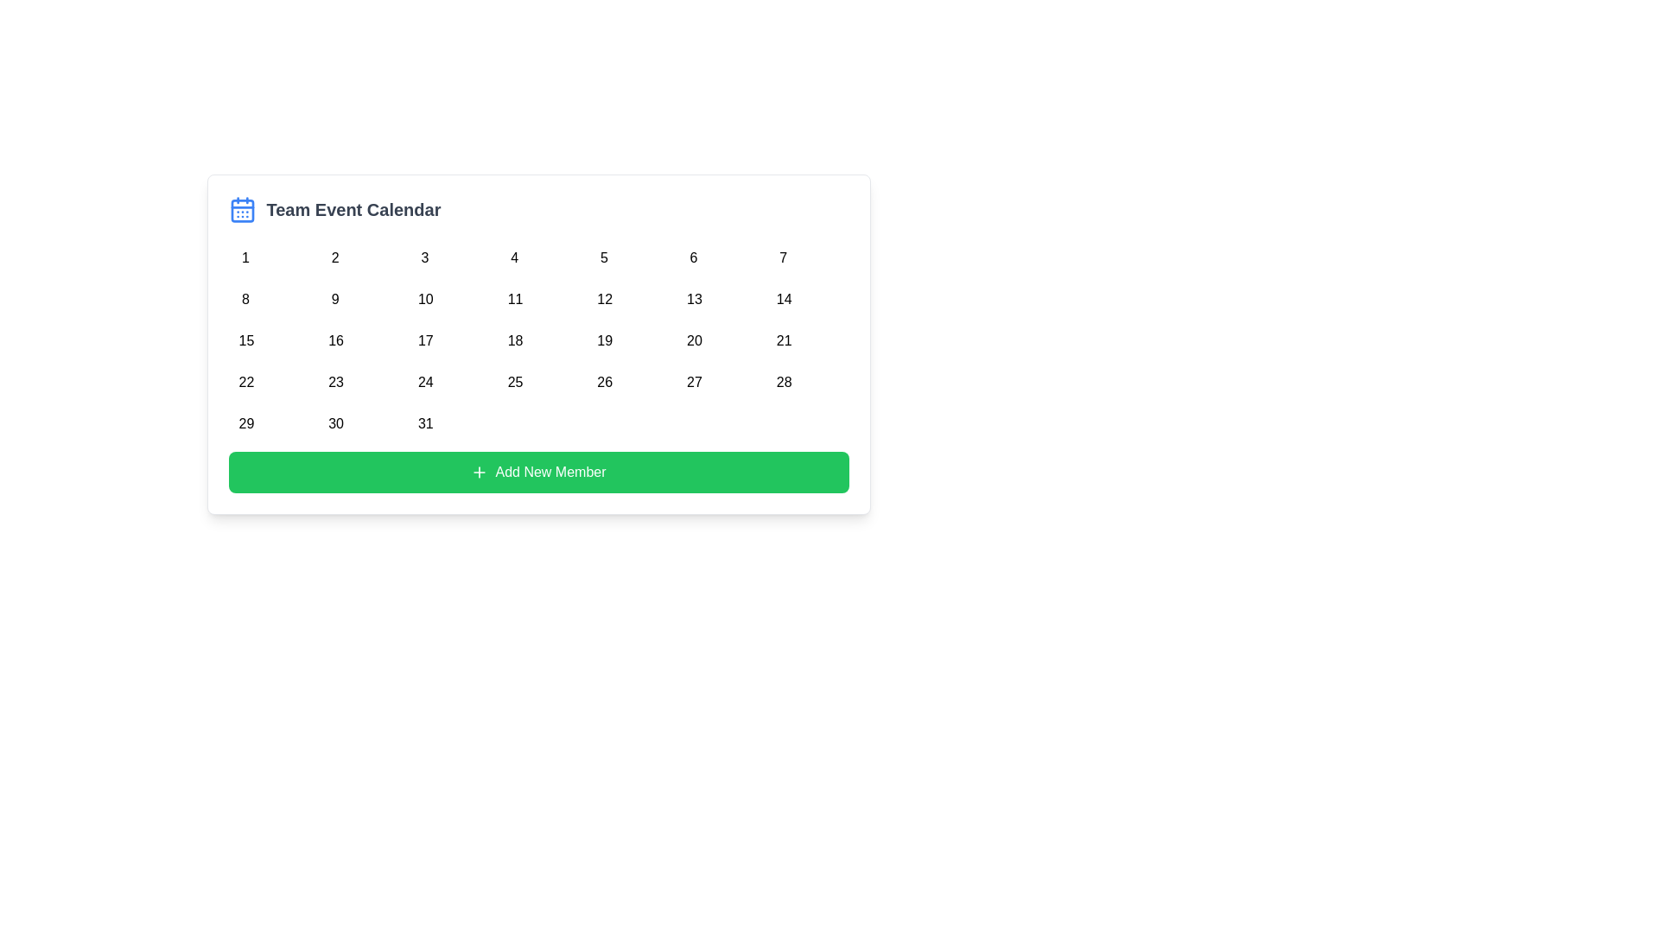 This screenshot has height=933, width=1659. I want to click on the button representing the 18th day in the calendar interface, so click(513, 337).